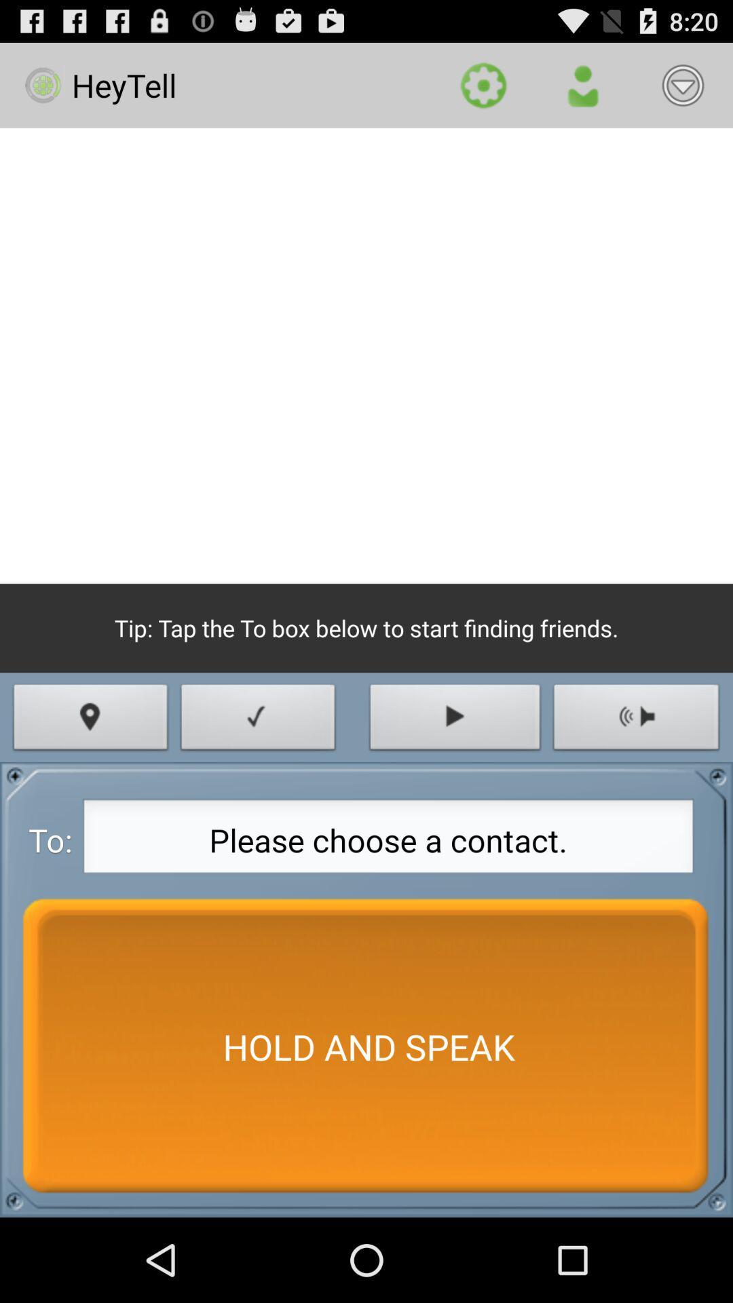 Image resolution: width=733 pixels, height=1303 pixels. What do you see at coordinates (366, 356) in the screenshot?
I see `the icon above the tip tap the icon` at bounding box center [366, 356].